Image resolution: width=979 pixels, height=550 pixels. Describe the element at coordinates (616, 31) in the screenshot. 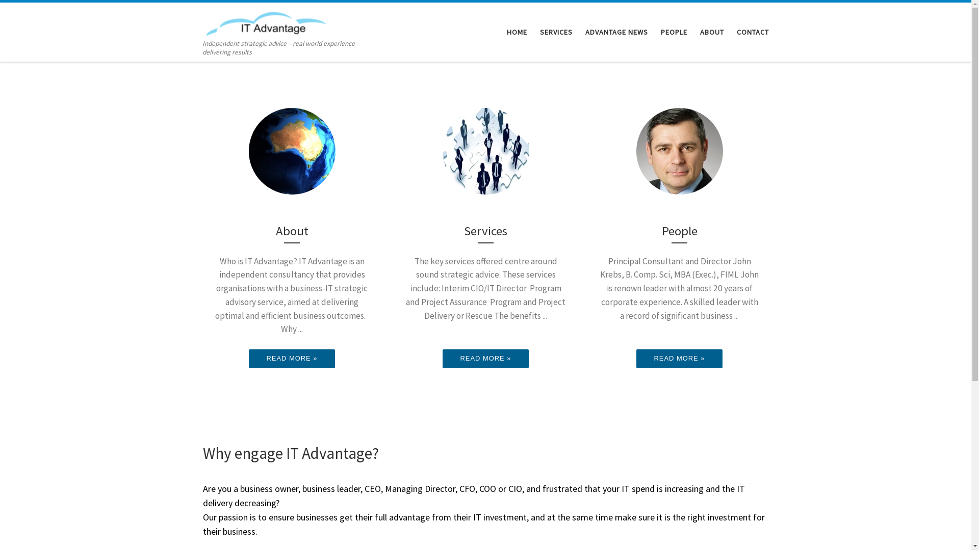

I see `'ADVANTAGE NEWS'` at that location.